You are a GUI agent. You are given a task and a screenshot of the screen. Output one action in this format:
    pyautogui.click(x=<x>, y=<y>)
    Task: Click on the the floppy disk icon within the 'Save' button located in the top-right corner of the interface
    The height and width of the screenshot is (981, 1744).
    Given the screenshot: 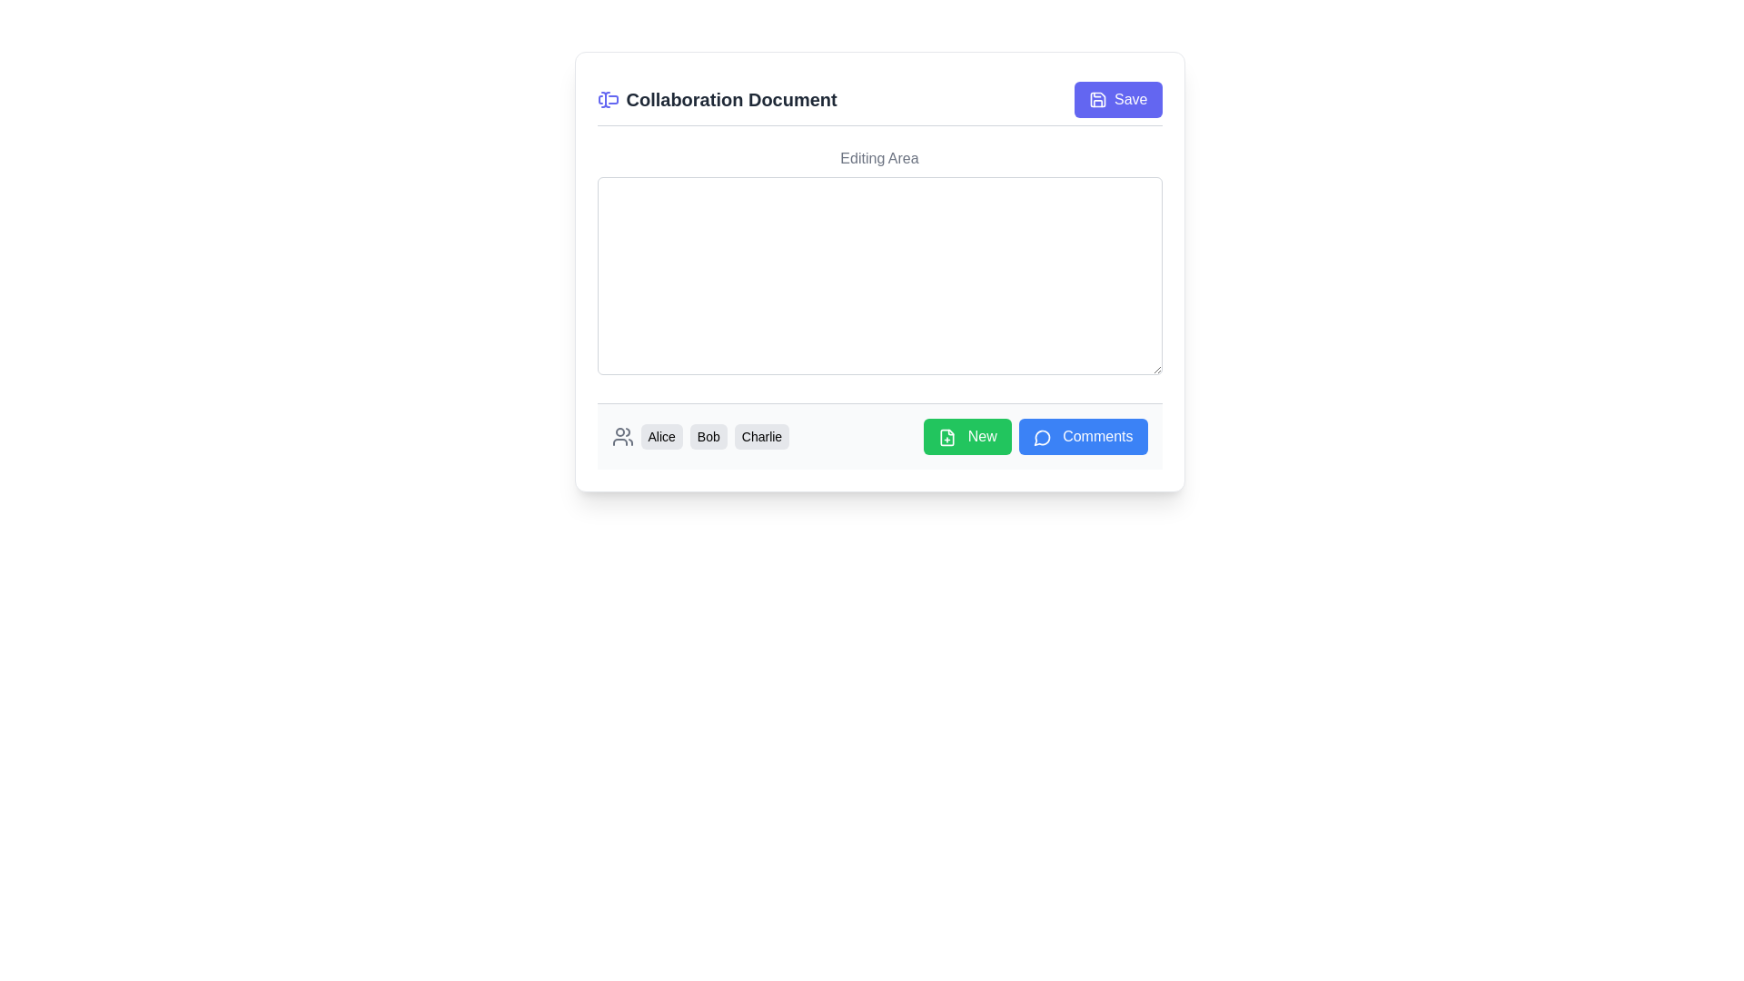 What is the action you would take?
    pyautogui.click(x=1097, y=100)
    